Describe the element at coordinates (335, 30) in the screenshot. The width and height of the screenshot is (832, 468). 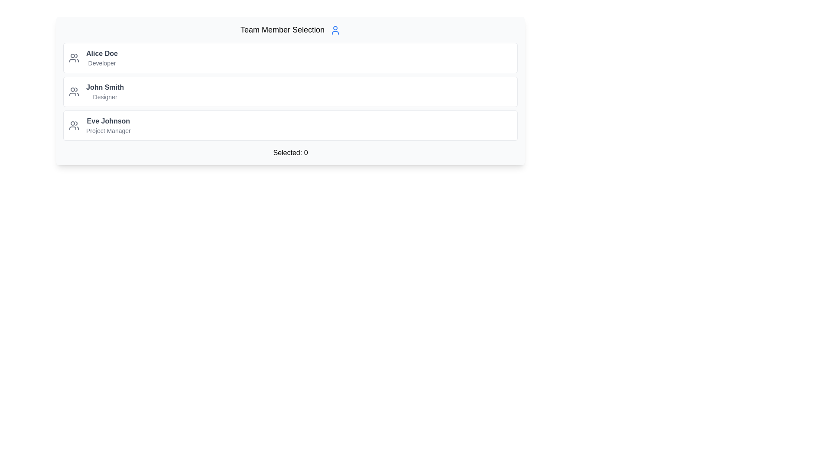
I see `the icon related to the 'Team Member Selection' feature, which is located at the rightmost end of the title text 'Team Member Selection'` at that location.